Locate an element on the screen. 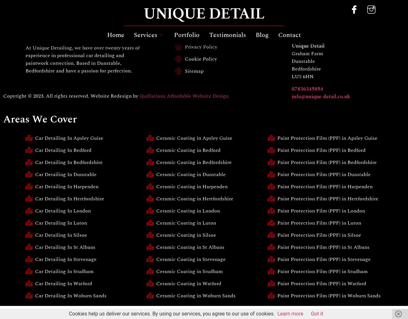 Image resolution: width=408 pixels, height=319 pixels. 'Areas We Cover' is located at coordinates (40, 119).